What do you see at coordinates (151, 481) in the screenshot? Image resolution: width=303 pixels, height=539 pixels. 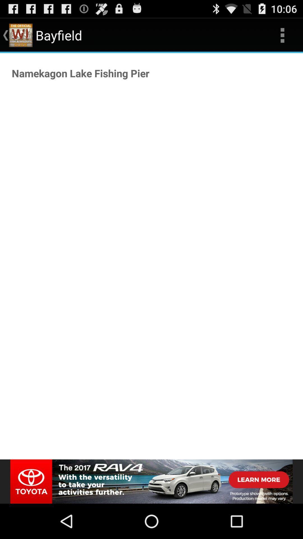 I see `icon below the namekagon lake fishing` at bounding box center [151, 481].